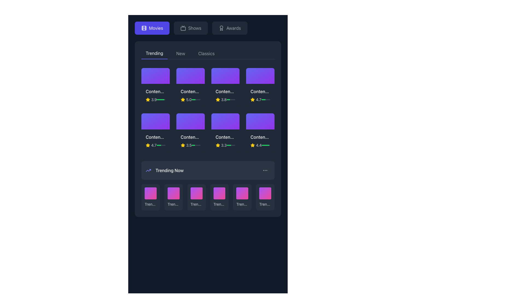  I want to click on the 'Movies' text label embedded in a button with a purple background located in the top-left region of the interface within the navigation menu, so click(156, 28).